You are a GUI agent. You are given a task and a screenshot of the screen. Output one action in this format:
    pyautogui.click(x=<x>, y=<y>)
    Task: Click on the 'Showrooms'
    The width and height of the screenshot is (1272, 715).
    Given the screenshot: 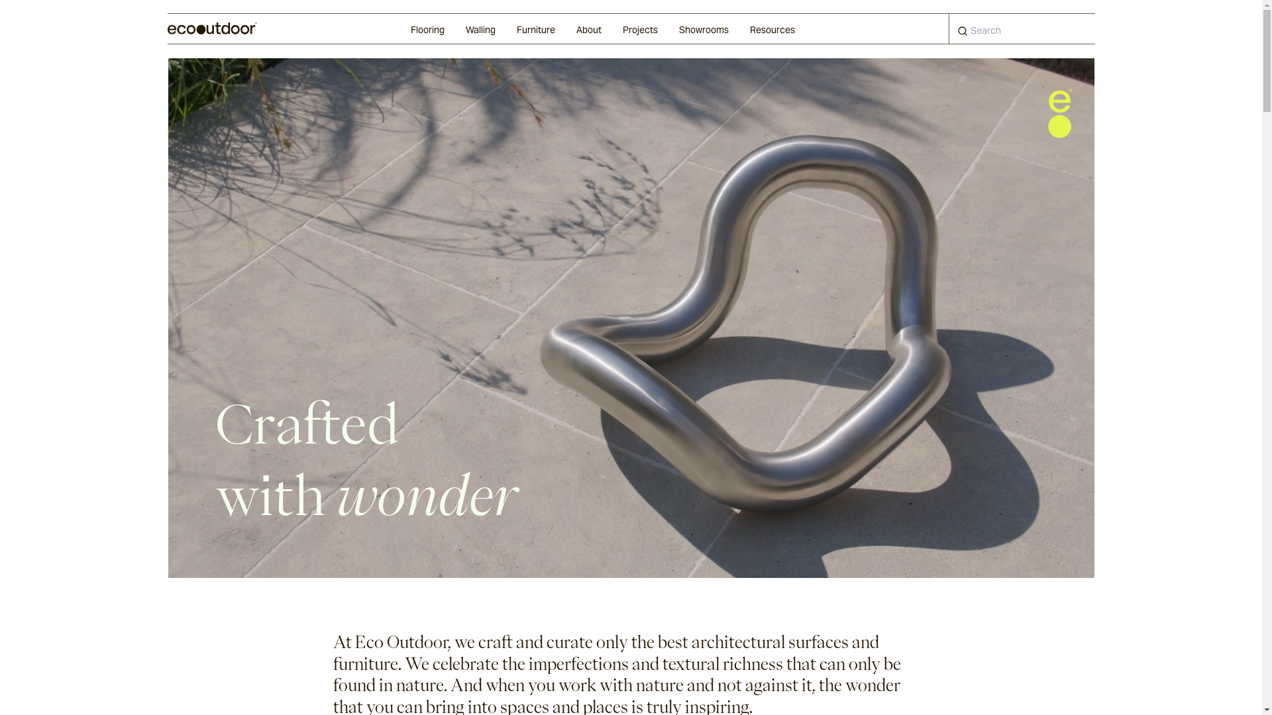 What is the action you would take?
    pyautogui.click(x=702, y=28)
    